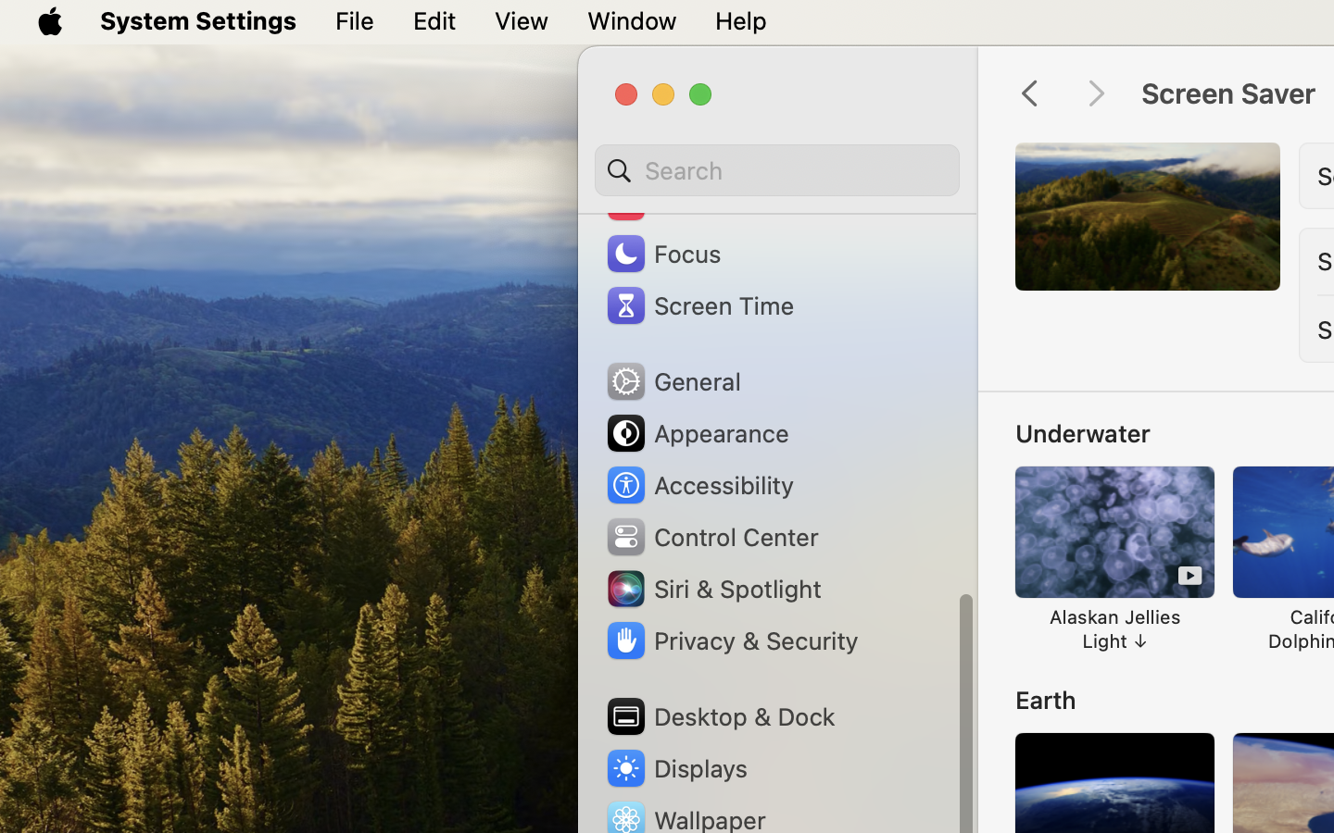 This screenshot has height=833, width=1334. I want to click on 'Underwater', so click(1082, 432).